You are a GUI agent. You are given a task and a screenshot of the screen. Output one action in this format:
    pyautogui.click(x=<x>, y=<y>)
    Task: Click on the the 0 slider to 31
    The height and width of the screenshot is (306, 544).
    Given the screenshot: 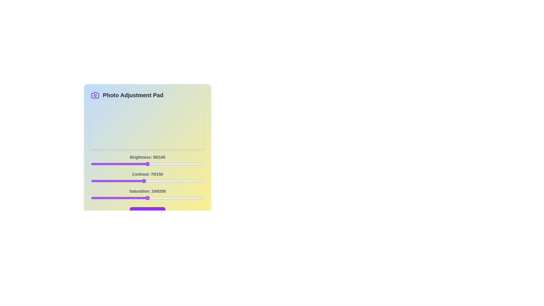 What is the action you would take?
    pyautogui.click(x=126, y=164)
    